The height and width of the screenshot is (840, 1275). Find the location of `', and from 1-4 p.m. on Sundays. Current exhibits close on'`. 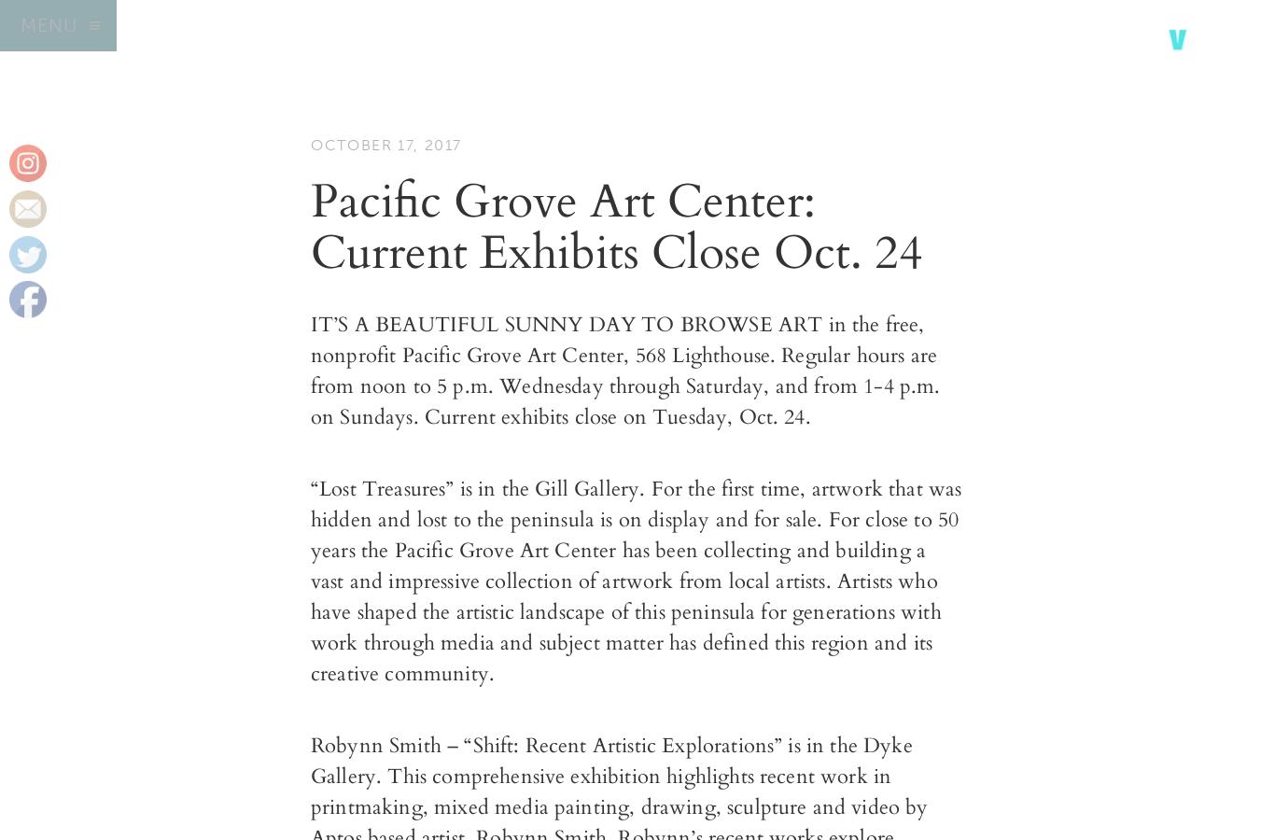

', and from 1-4 p.m. on Sundays. Current exhibits close on' is located at coordinates (624, 401).